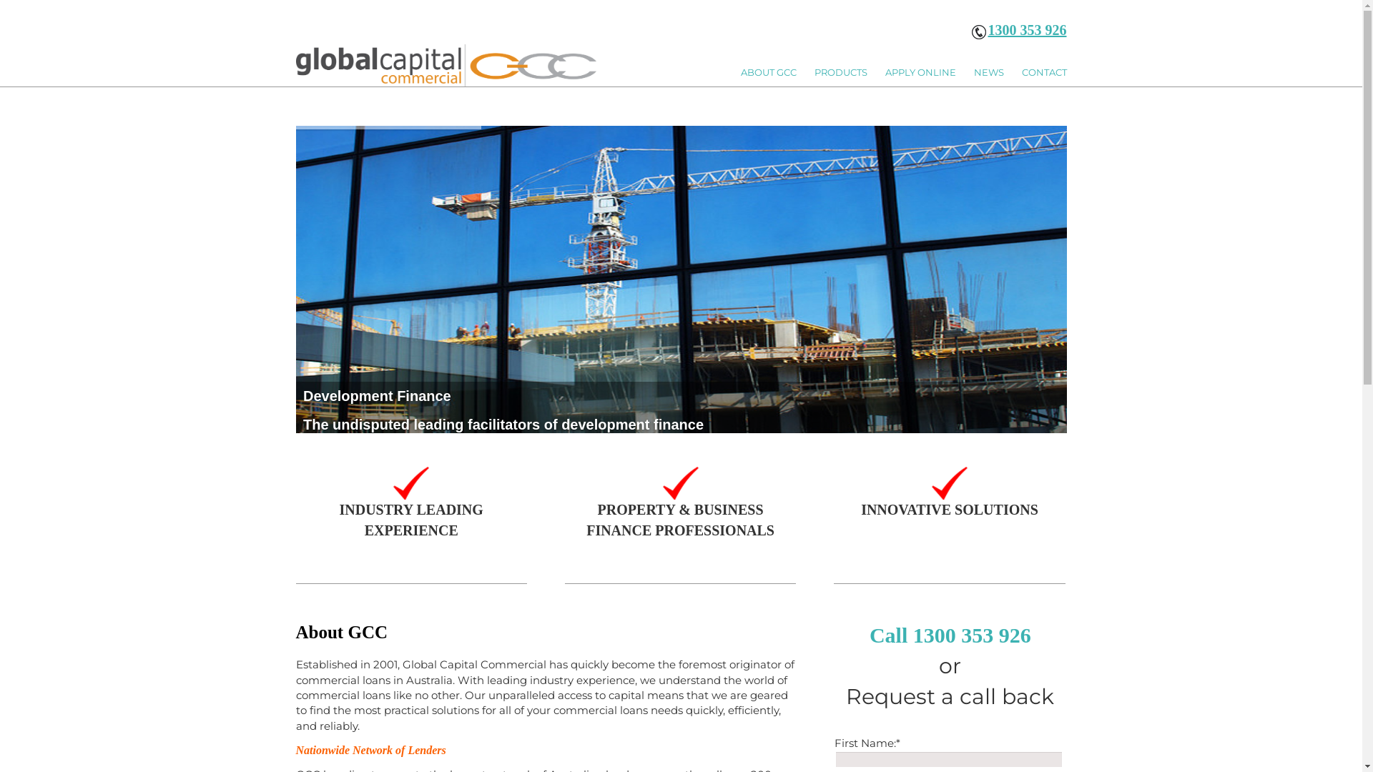 Image resolution: width=1373 pixels, height=772 pixels. Describe the element at coordinates (849, 71) in the screenshot. I see `'PRODUCTS'` at that location.